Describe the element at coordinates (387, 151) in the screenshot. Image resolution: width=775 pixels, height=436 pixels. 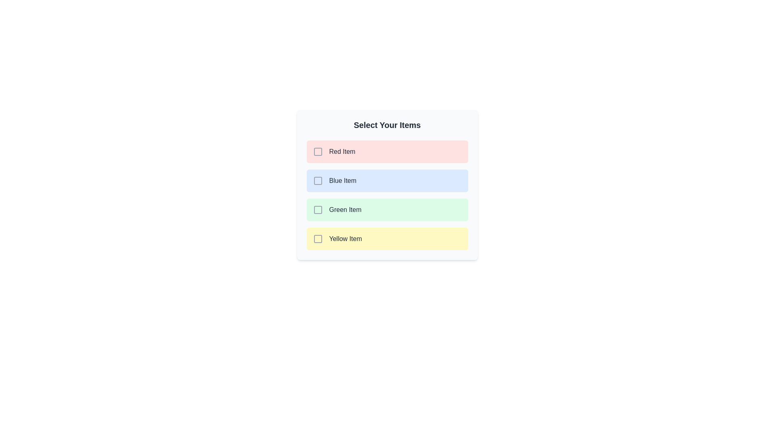
I see `the item Red Item` at that location.